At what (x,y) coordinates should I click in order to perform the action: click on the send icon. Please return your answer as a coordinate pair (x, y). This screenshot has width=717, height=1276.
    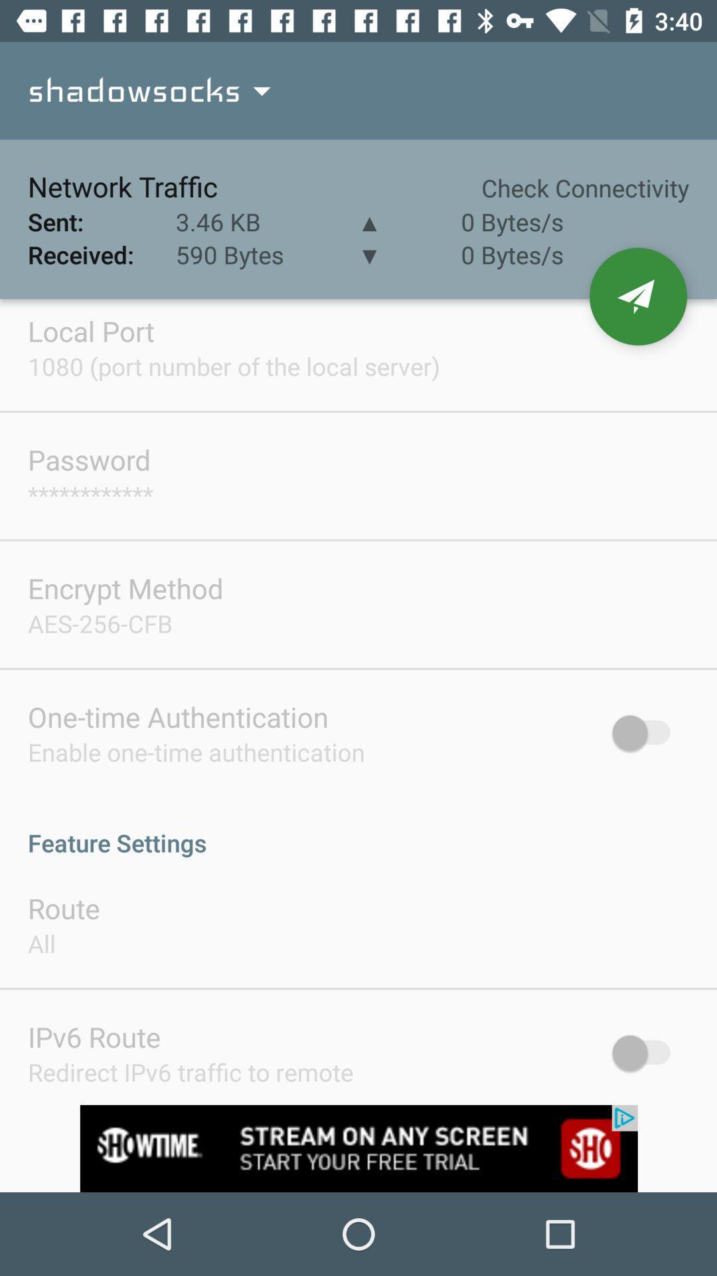
    Looking at the image, I should click on (637, 296).